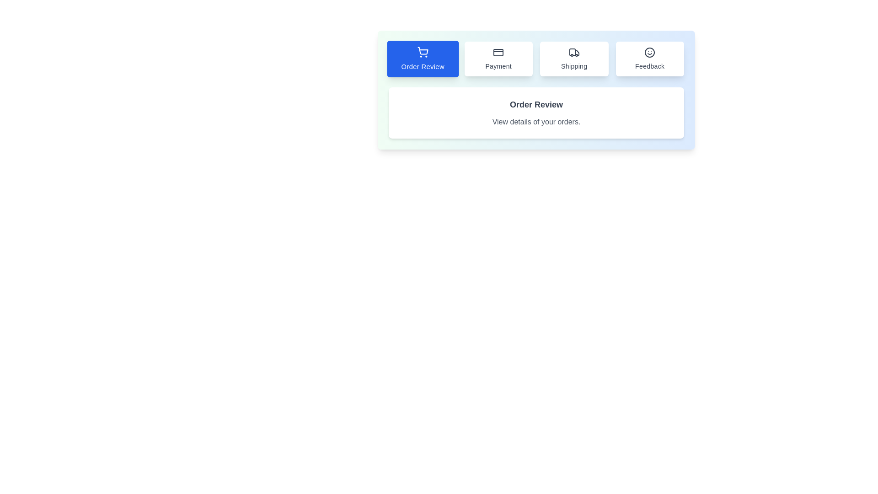 The height and width of the screenshot is (494, 878). I want to click on the 'Payment' text label, which is part of a clickable button and centrally aligned beneath an icon, so click(498, 66).